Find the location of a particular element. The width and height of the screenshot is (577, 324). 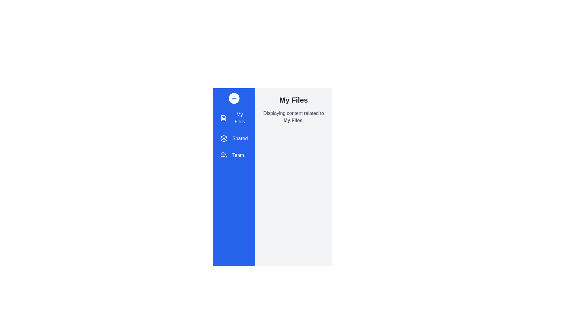

the section Team from the drawer menu is located at coordinates (234, 155).